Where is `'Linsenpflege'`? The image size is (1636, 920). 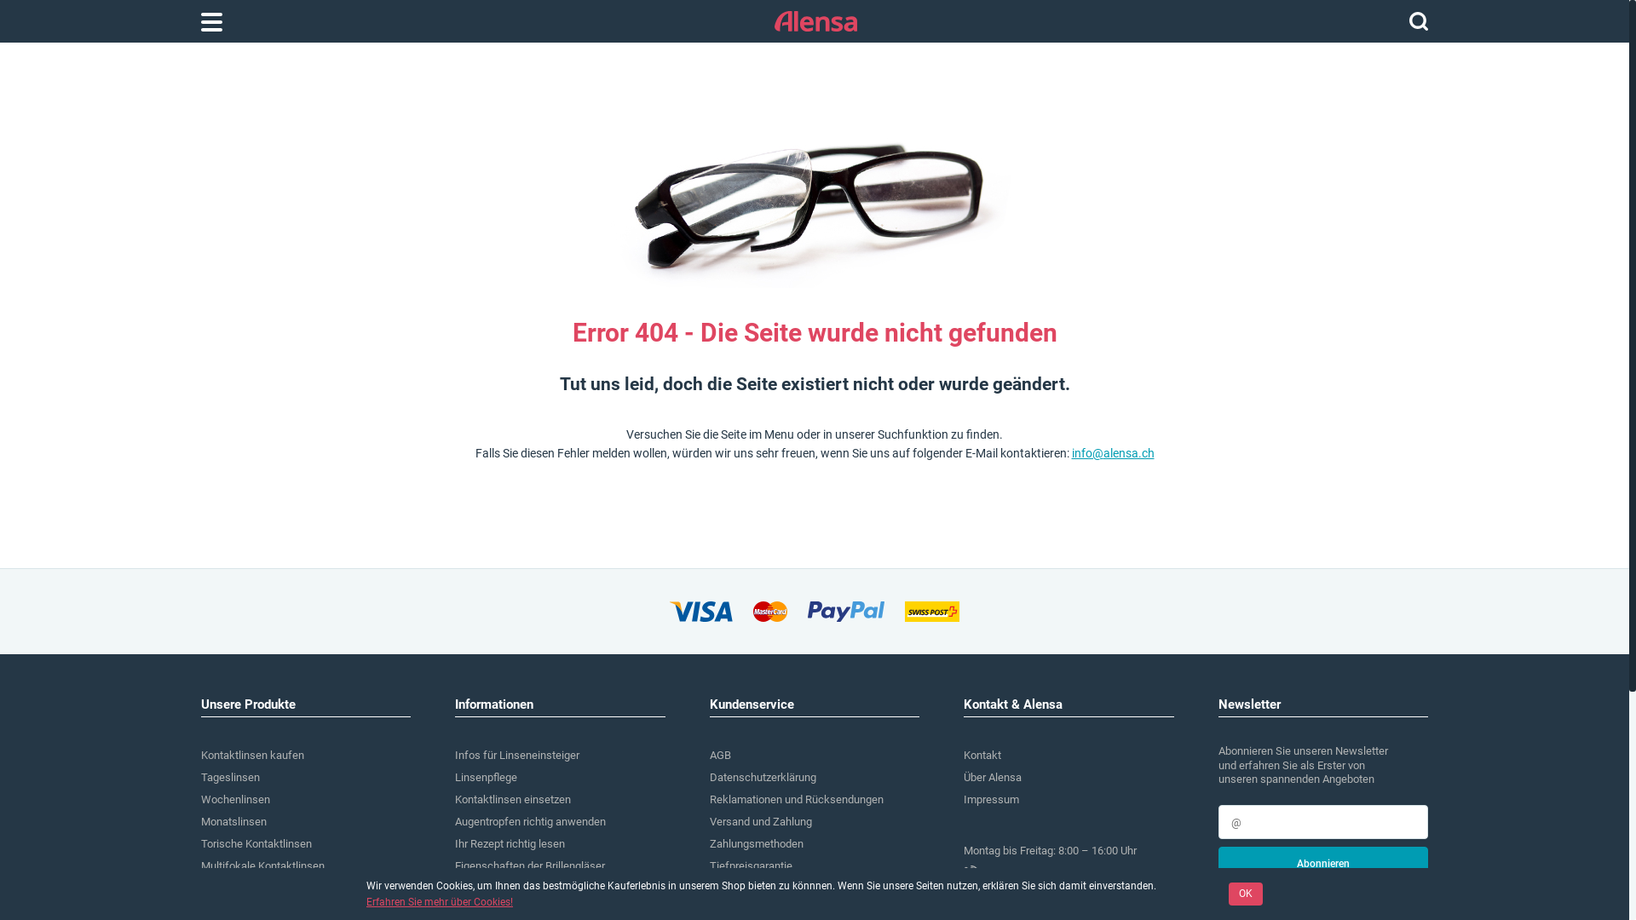
'Linsenpflege' is located at coordinates (485, 777).